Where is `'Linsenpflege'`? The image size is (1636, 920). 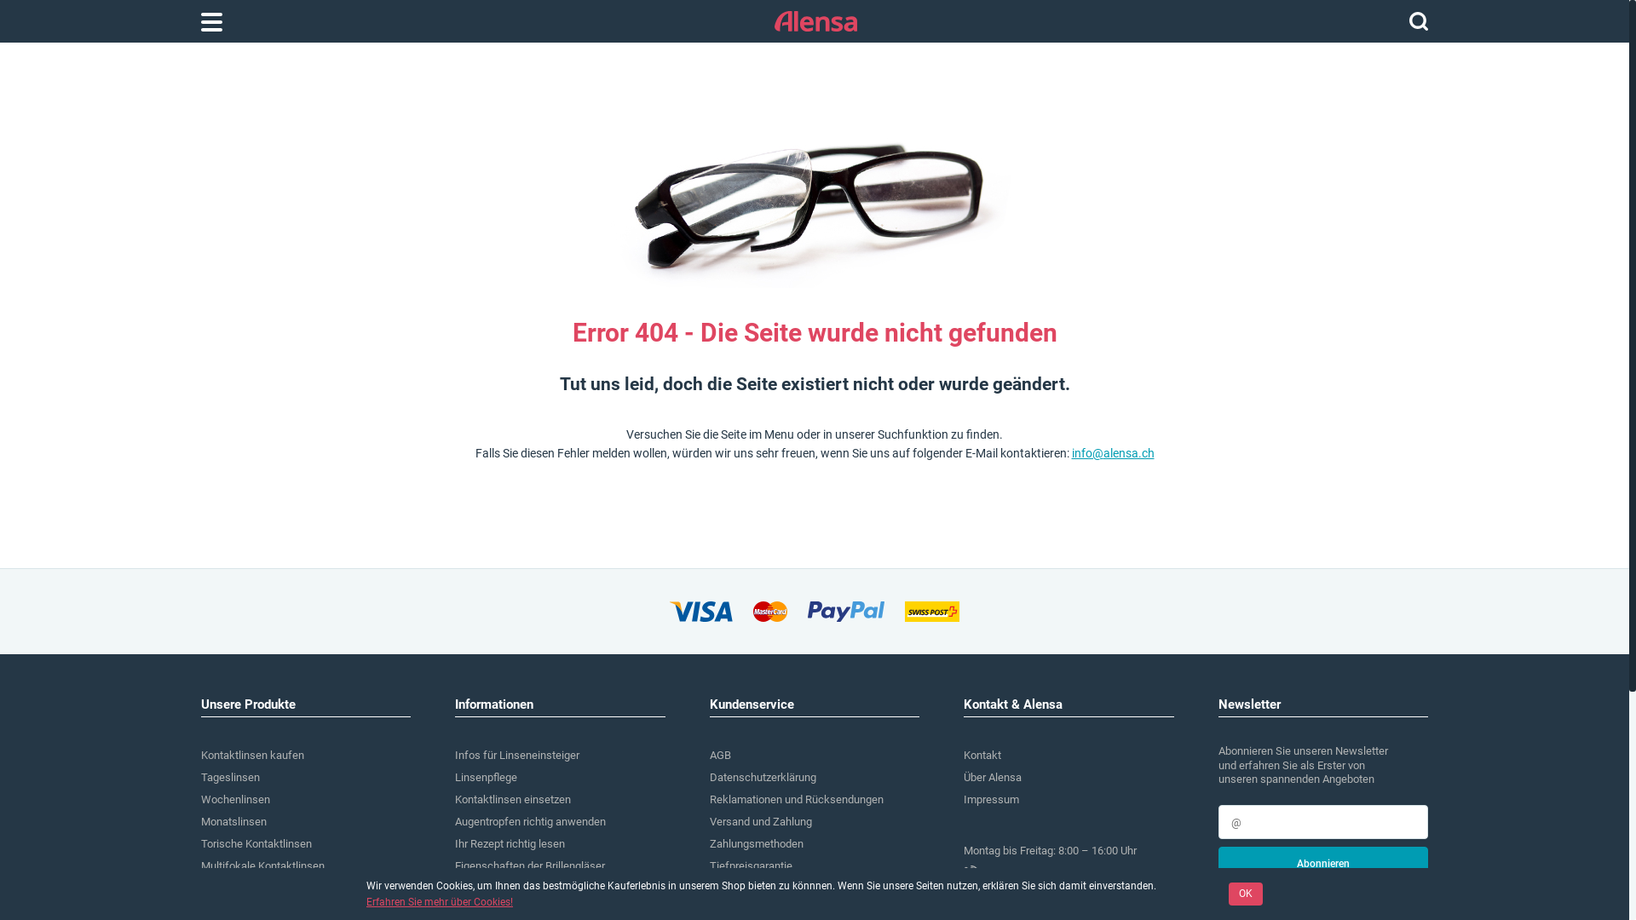
'Linsenpflege' is located at coordinates (485, 777).